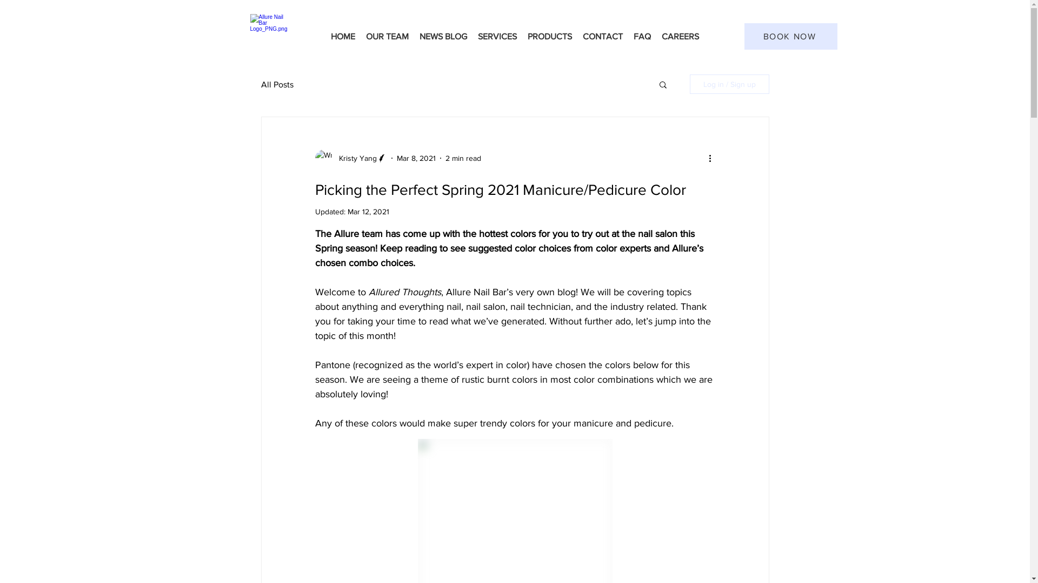  What do you see at coordinates (790, 36) in the screenshot?
I see `'BOOK NOW'` at bounding box center [790, 36].